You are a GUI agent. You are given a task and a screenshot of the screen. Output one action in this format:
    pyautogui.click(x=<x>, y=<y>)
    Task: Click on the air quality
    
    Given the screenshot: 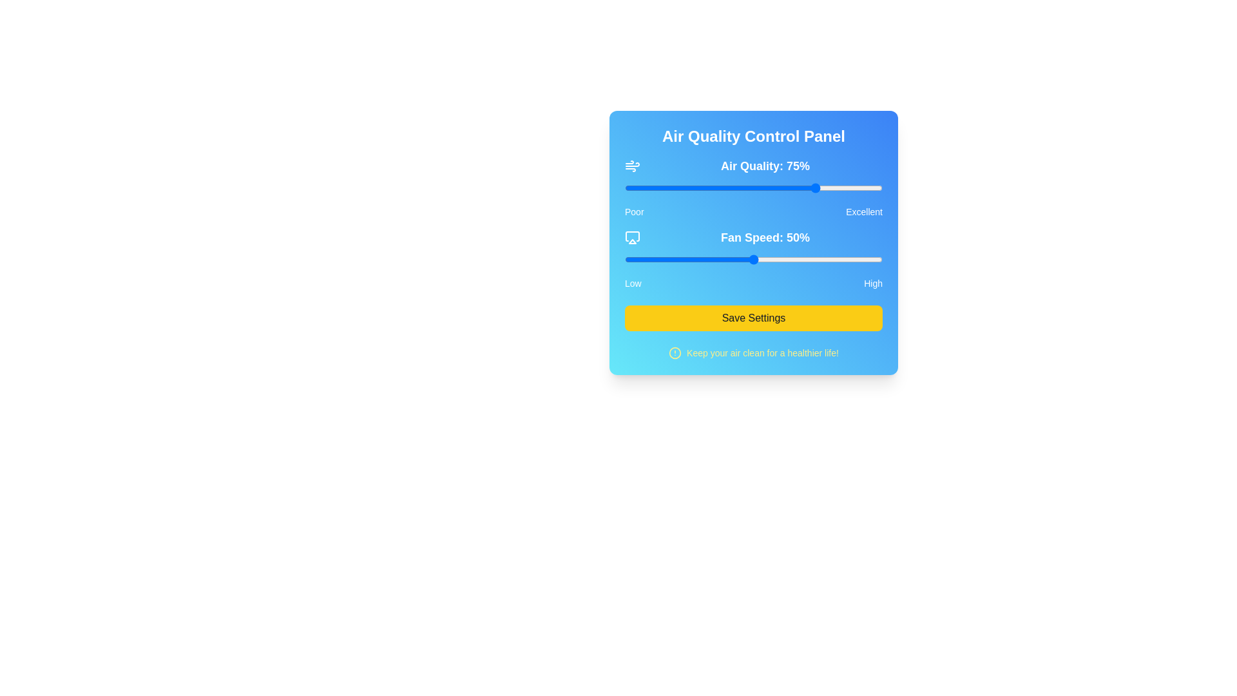 What is the action you would take?
    pyautogui.click(x=809, y=188)
    